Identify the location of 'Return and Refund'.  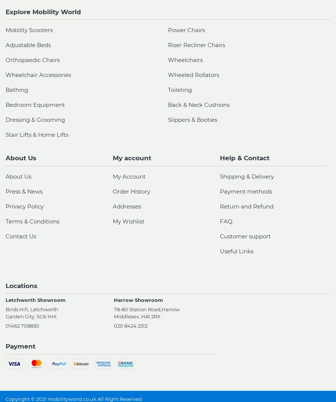
(220, 205).